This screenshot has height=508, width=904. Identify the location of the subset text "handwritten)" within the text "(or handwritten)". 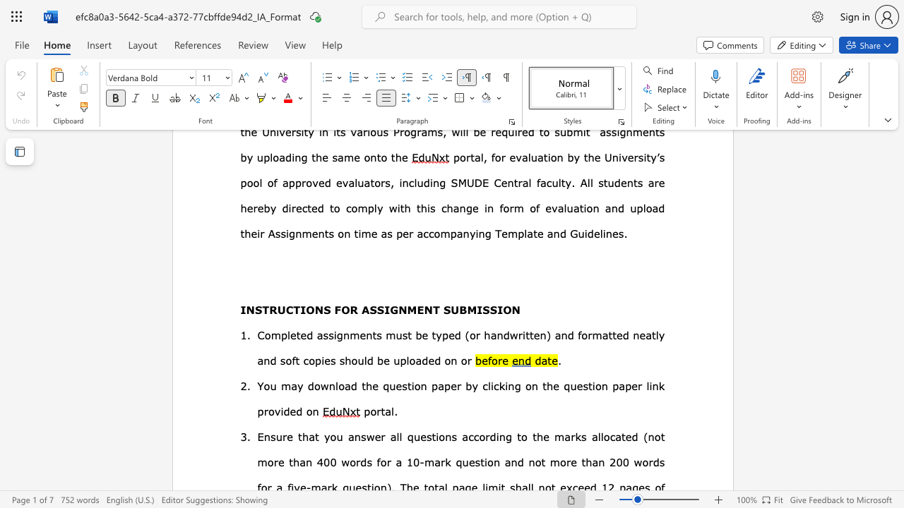
(484, 334).